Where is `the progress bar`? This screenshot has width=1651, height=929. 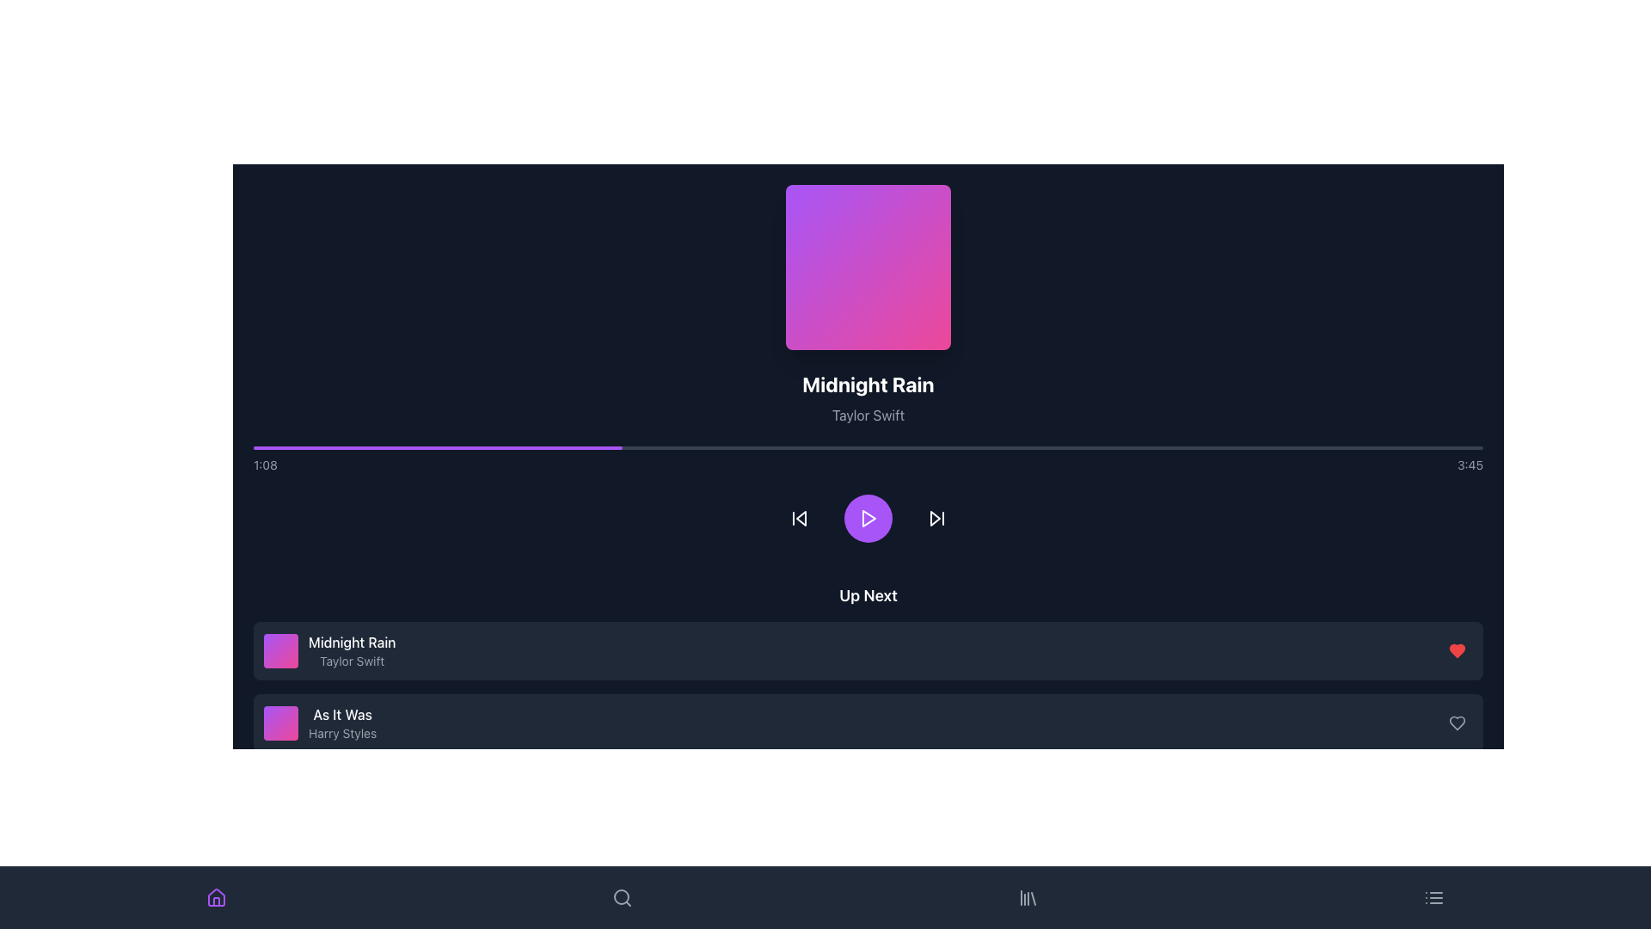 the progress bar is located at coordinates (323, 446).